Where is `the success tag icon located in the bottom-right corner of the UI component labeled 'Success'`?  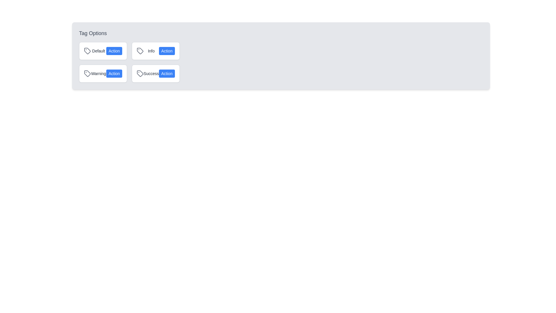 the success tag icon located in the bottom-right corner of the UI component labeled 'Success' is located at coordinates (140, 73).